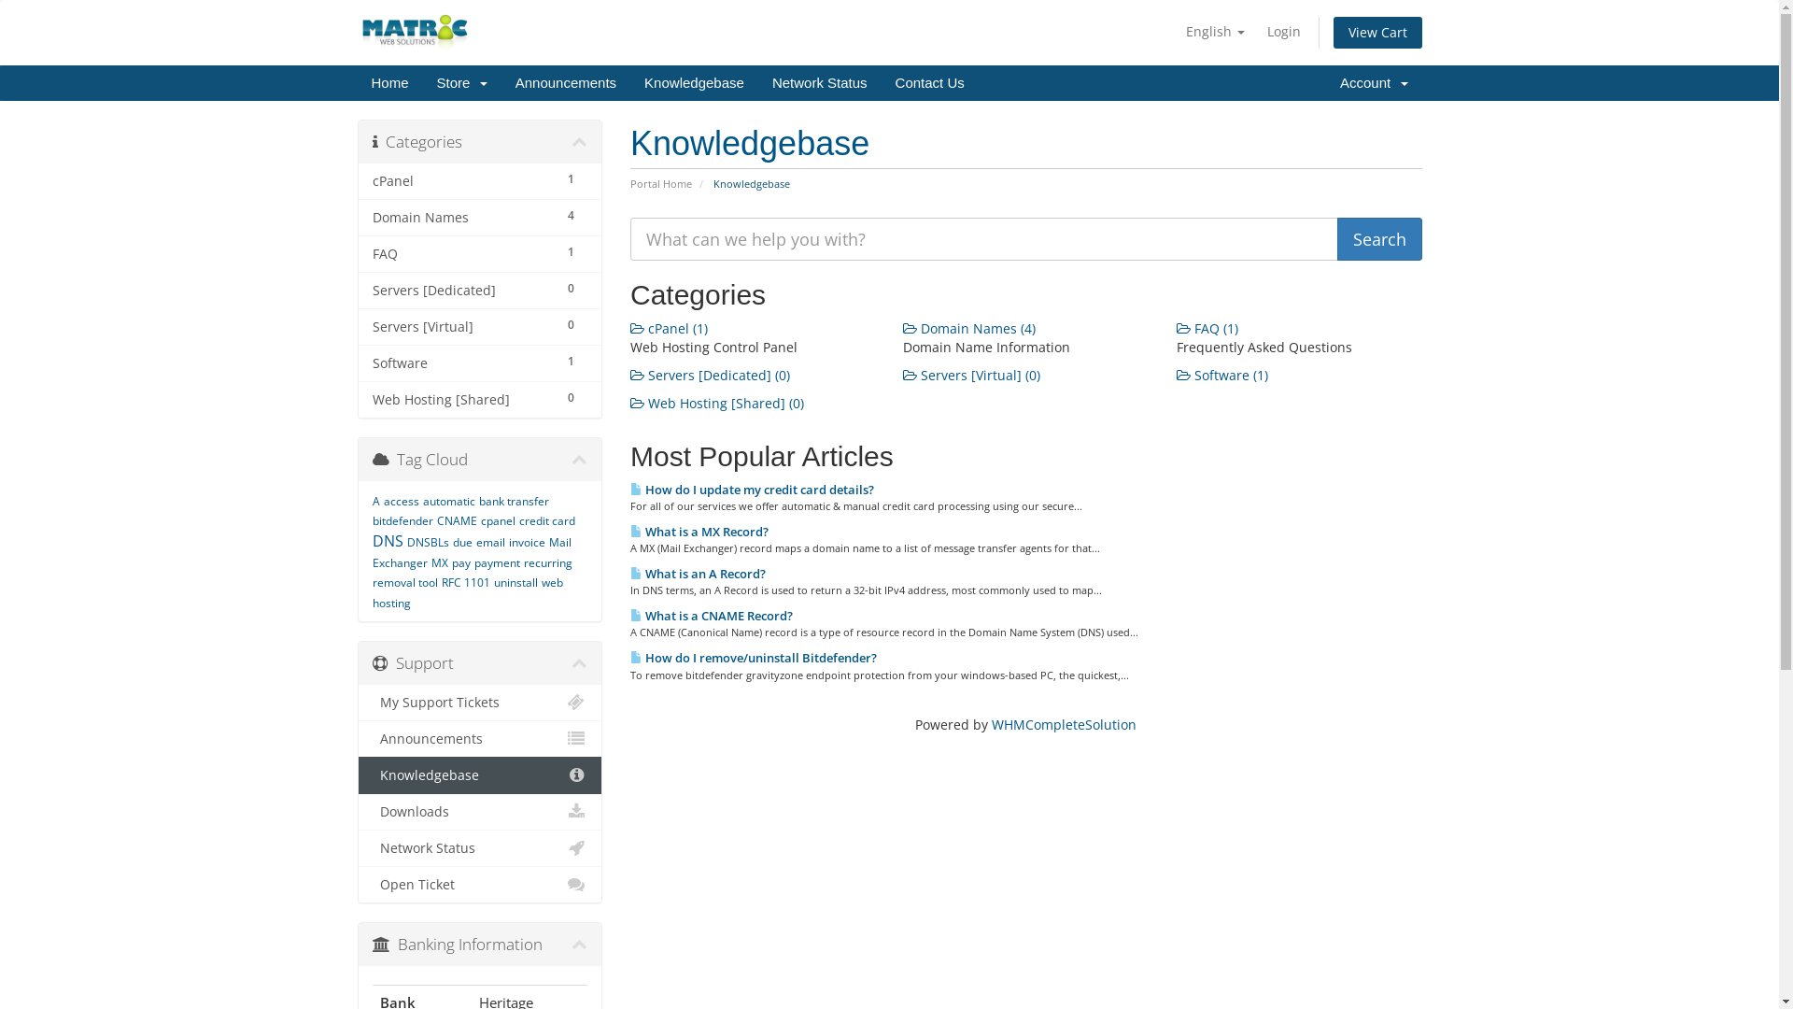  What do you see at coordinates (1064, 723) in the screenshot?
I see `'WHMCompleteSolution'` at bounding box center [1064, 723].